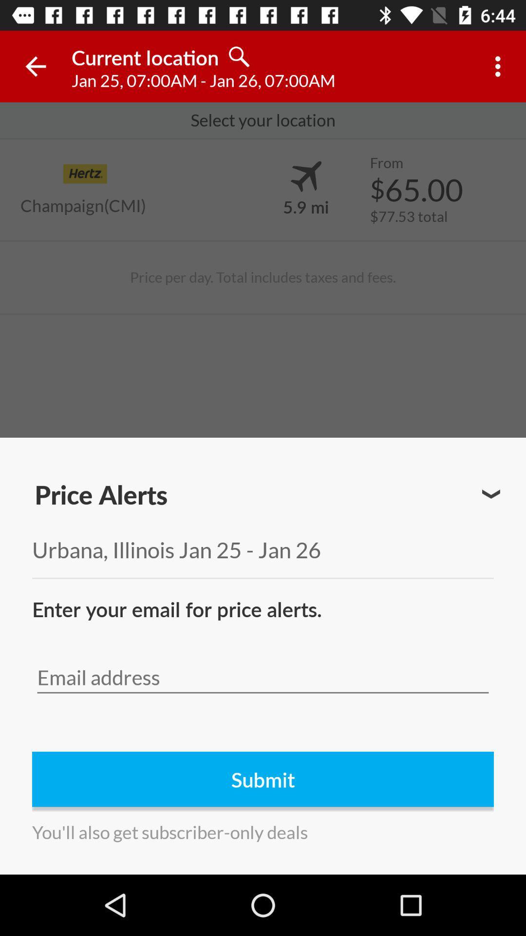 The image size is (526, 936). What do you see at coordinates (263, 677) in the screenshot?
I see `input email address` at bounding box center [263, 677].